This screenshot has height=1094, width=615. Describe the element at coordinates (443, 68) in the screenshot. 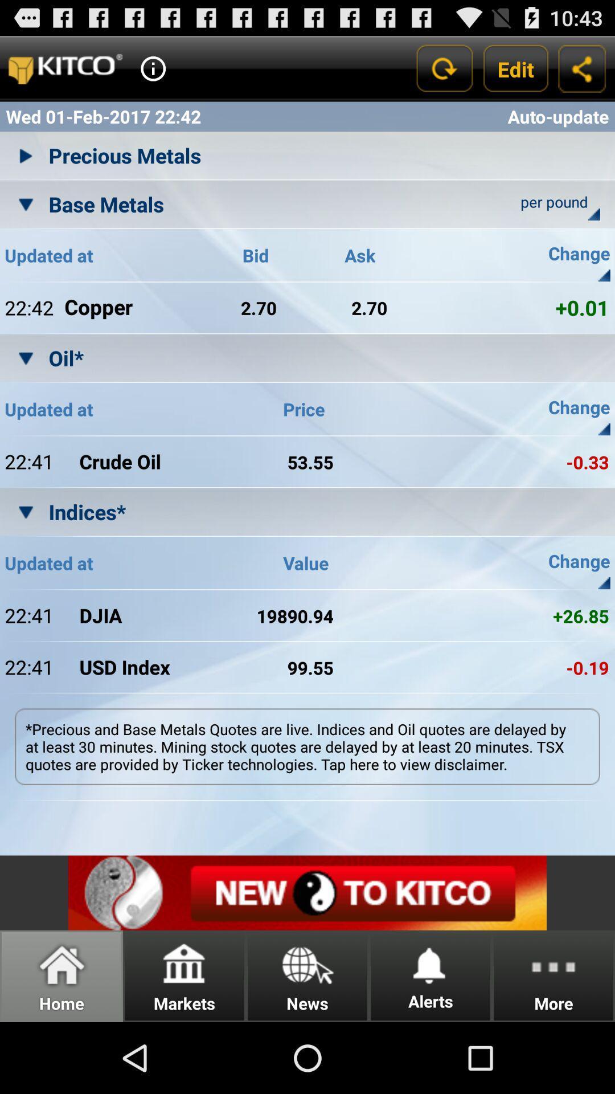

I see `refresh page` at that location.